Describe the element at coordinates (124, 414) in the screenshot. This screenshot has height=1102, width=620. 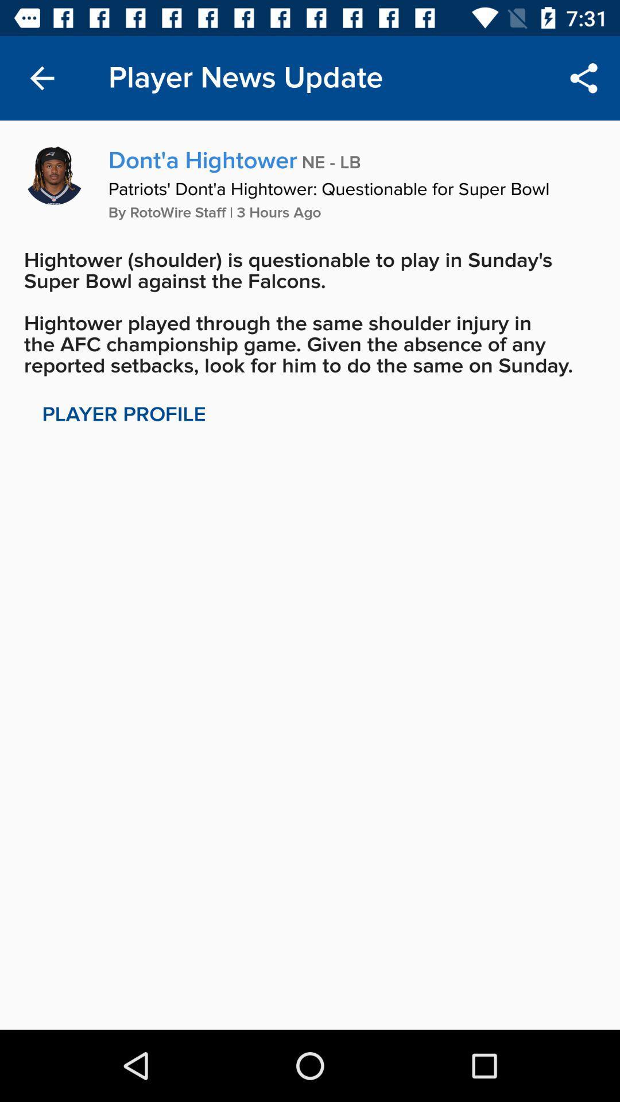
I see `the player profile icon` at that location.